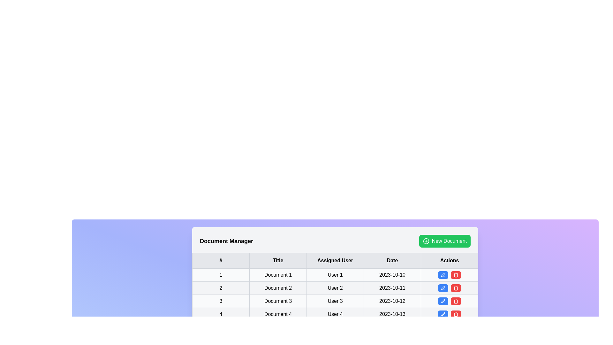 Image resolution: width=613 pixels, height=345 pixels. I want to click on the fourth row in the table which contains multiple cells and action buttons, so click(335, 314).